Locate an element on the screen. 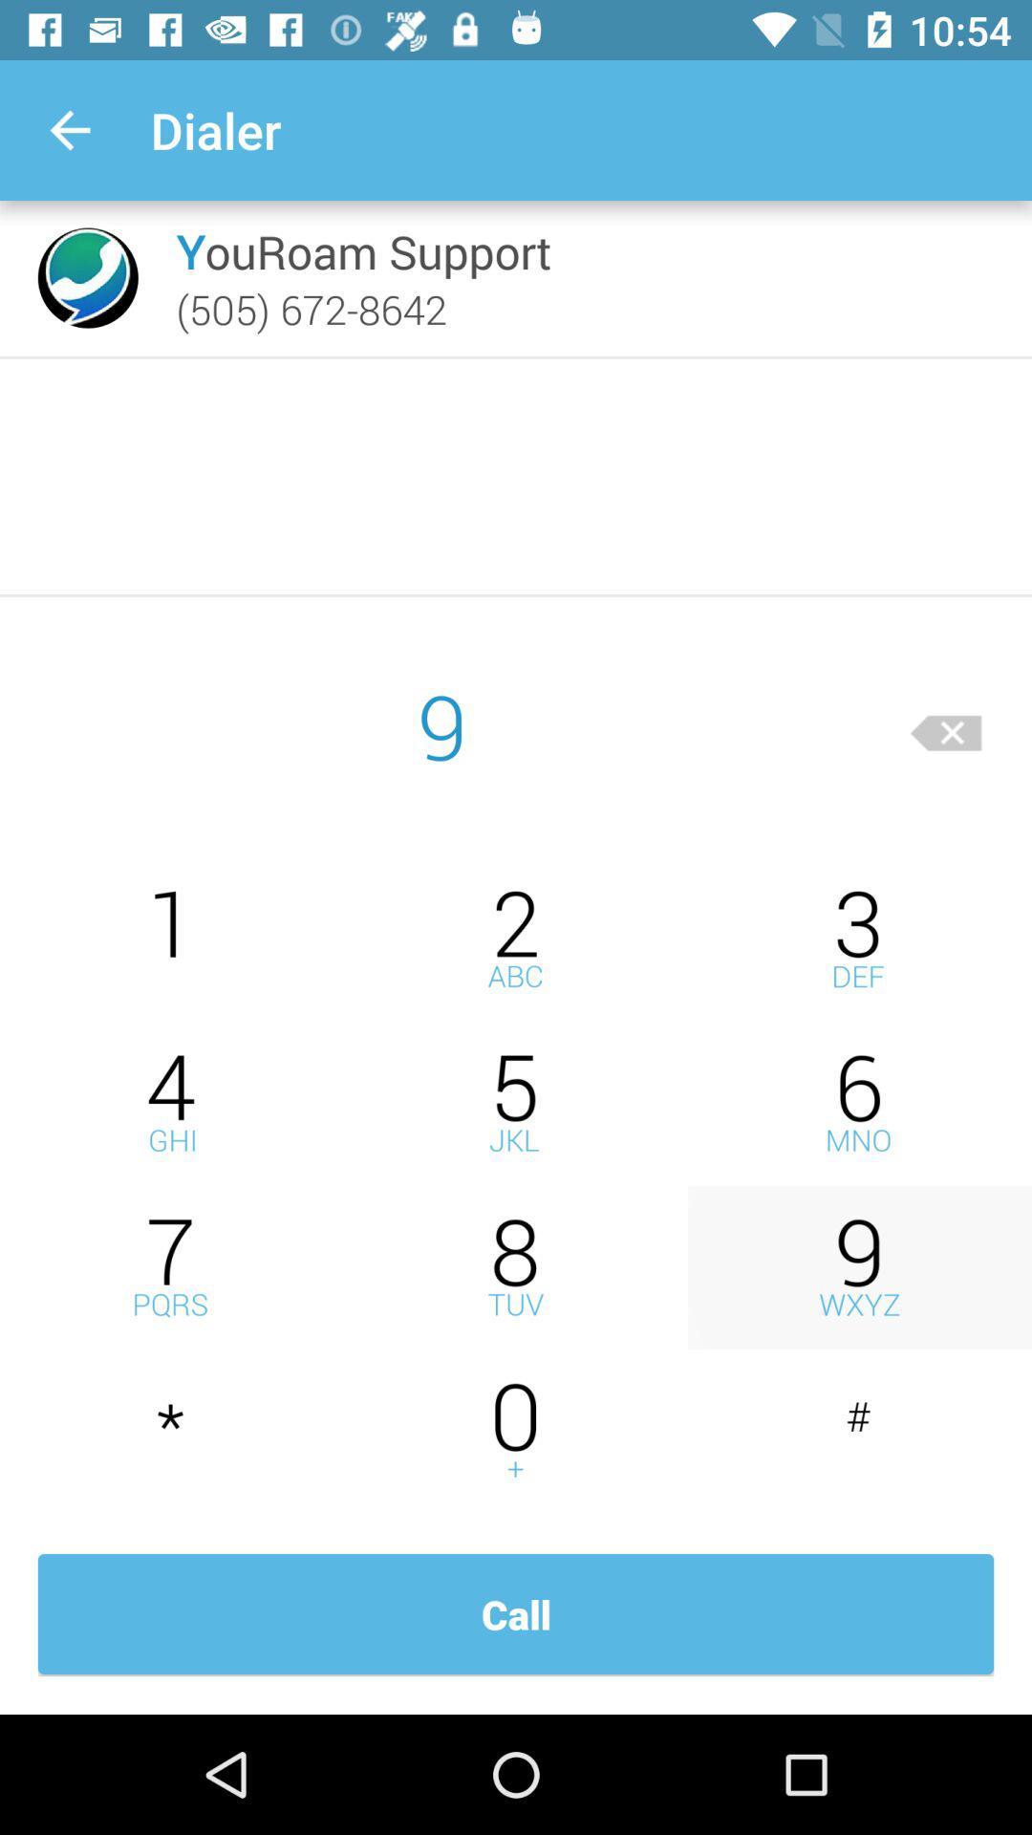 The image size is (1032, 1835). press one is located at coordinates (172, 939).